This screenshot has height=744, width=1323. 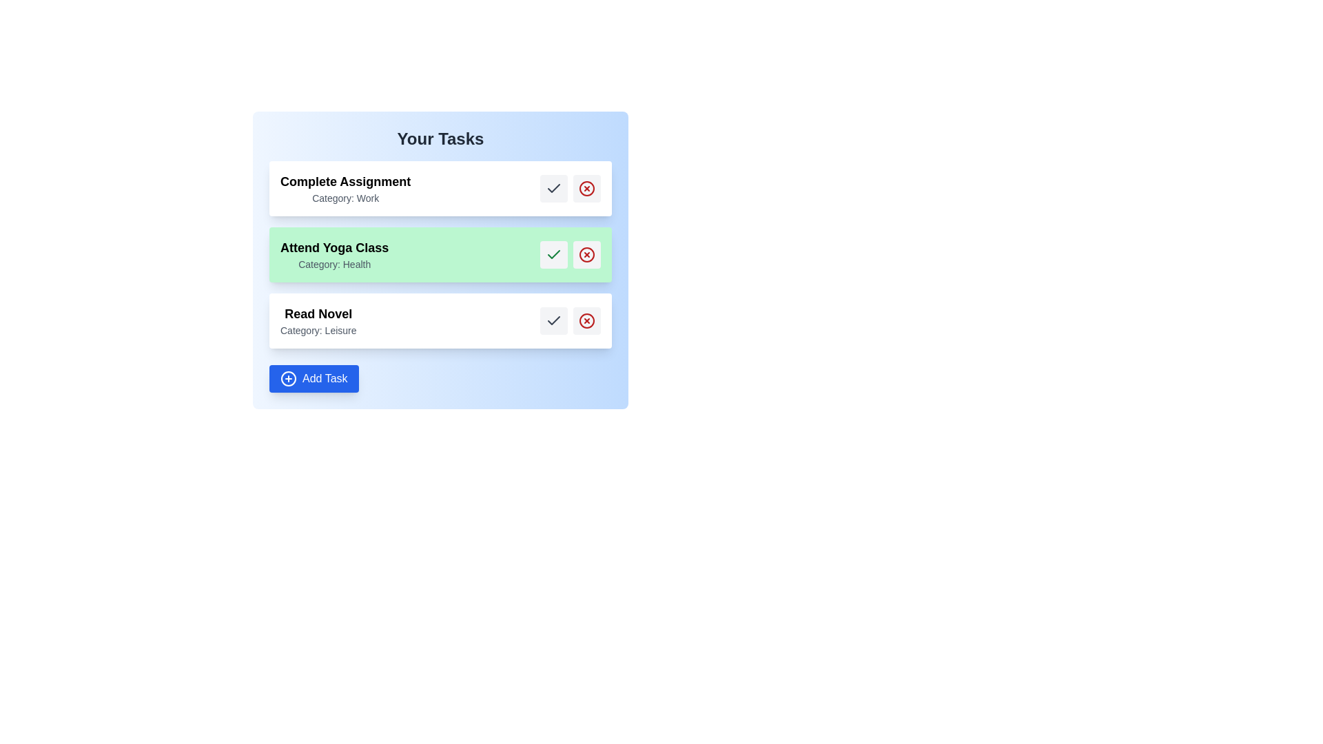 I want to click on the task titled Complete Assignment by clicking the red 'X' button next to it, so click(x=586, y=188).